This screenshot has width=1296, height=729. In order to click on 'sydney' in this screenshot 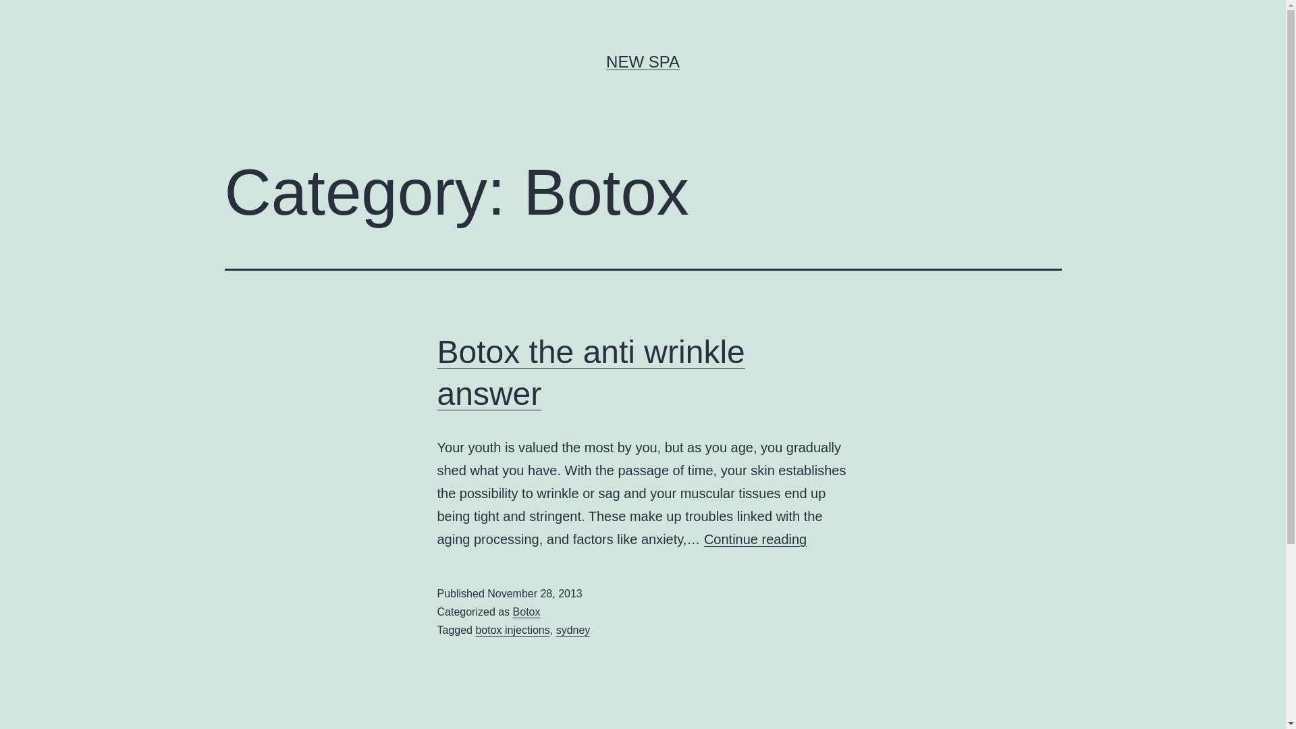, I will do `click(573, 630)`.